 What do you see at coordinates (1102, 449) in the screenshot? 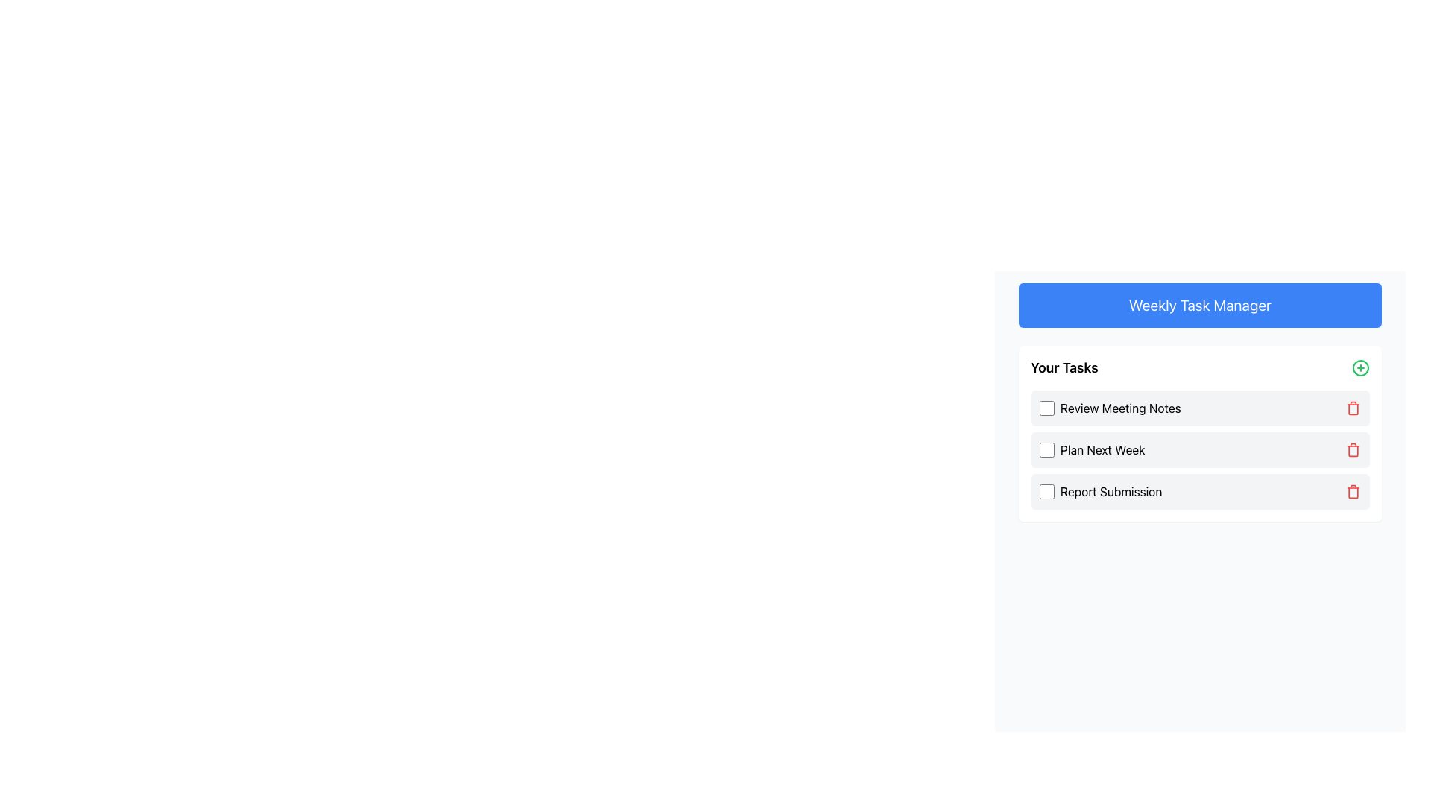
I see `text displayed in the second Text Label of the 'Your Tasks' list in the 'Weekly Task Manager' interface` at bounding box center [1102, 449].